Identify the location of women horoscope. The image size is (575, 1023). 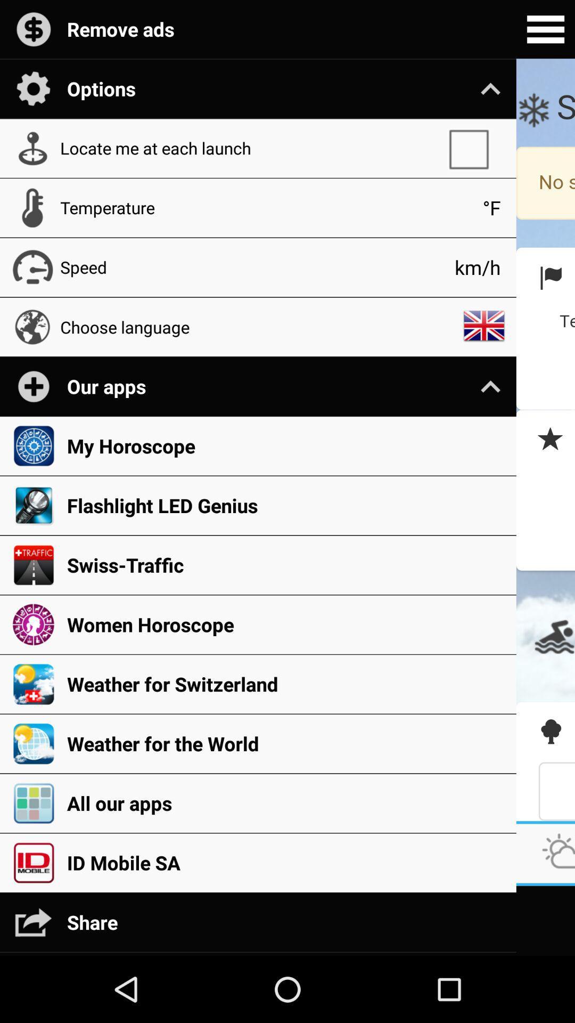
(285, 624).